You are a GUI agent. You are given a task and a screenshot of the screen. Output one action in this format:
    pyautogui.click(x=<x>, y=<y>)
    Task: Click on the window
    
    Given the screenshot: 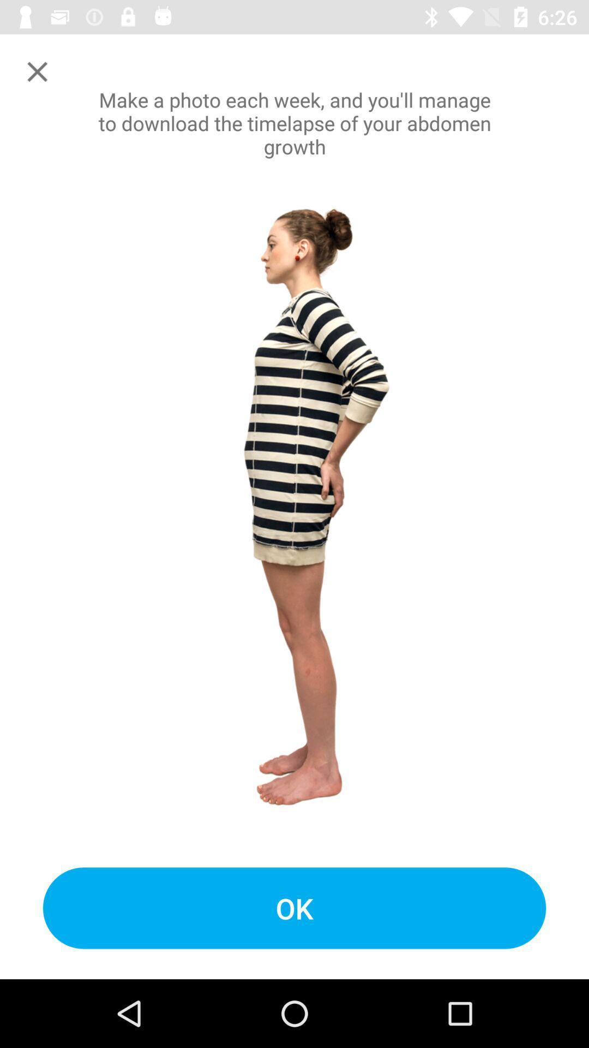 What is the action you would take?
    pyautogui.click(x=37, y=71)
    